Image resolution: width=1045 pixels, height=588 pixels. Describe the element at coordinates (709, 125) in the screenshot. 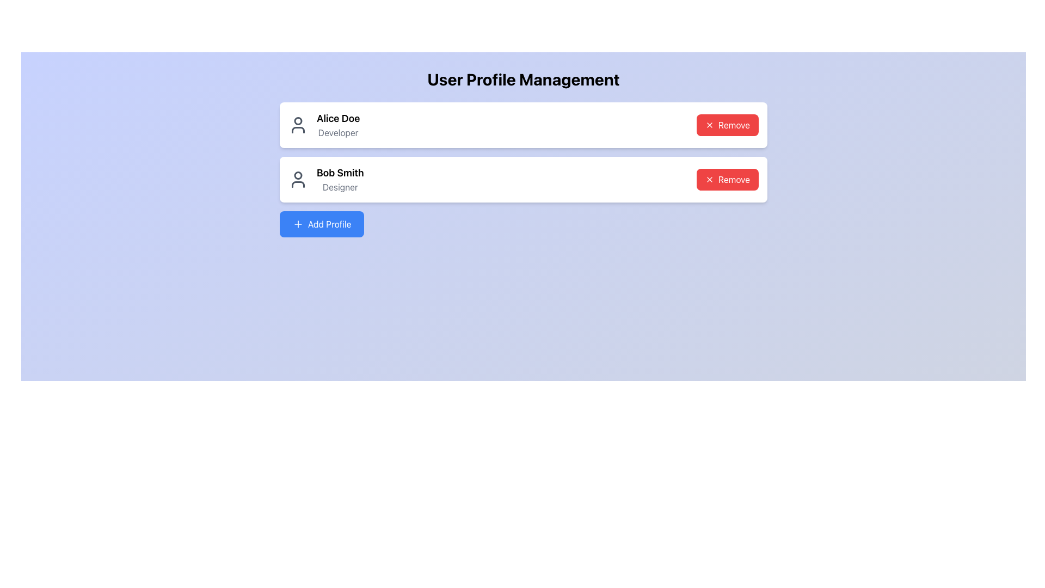

I see `the close icon located within the 'Remove' button in the profile section for 'Alice Doe', positioned to the left of the 'Remove' text` at that location.